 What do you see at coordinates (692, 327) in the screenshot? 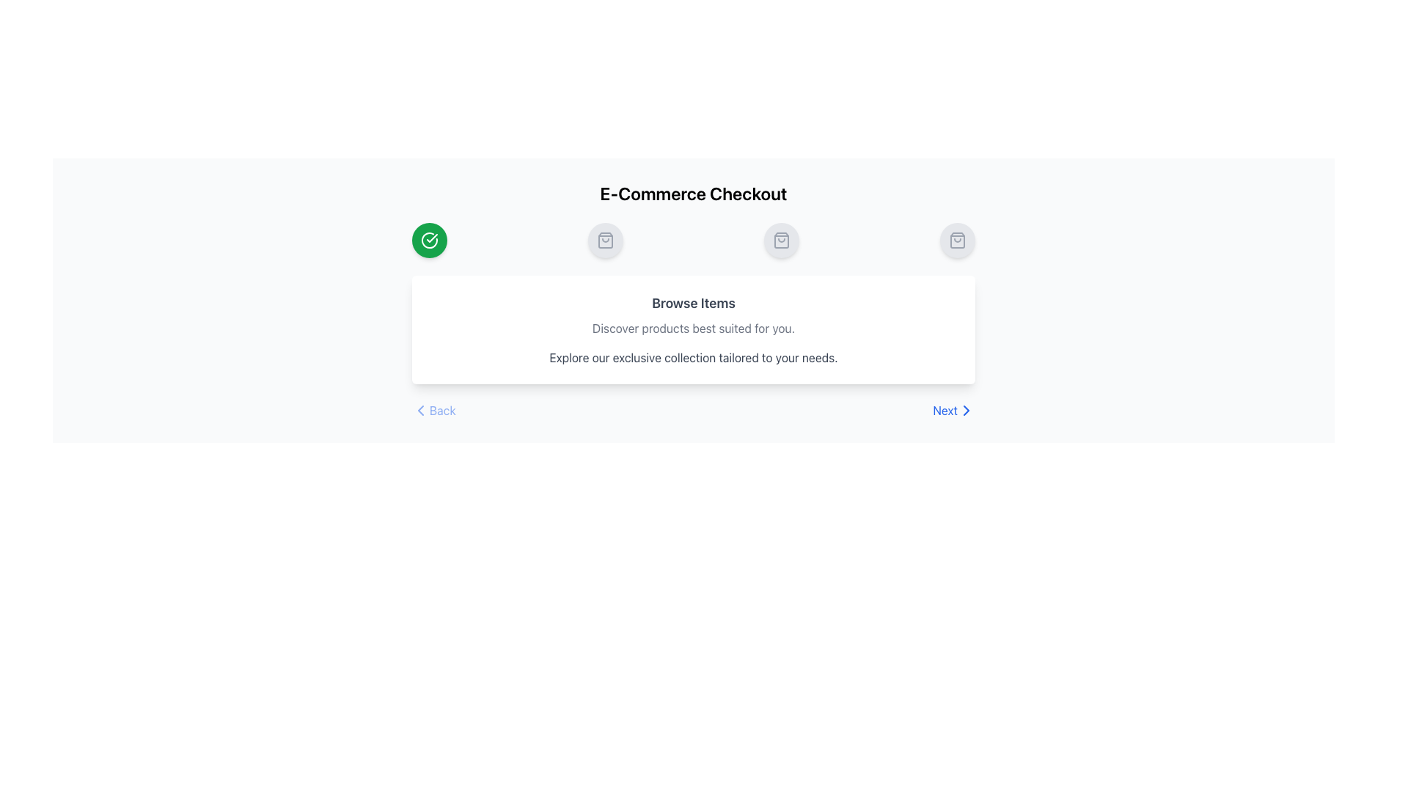
I see `the descriptive tagline element located below the 'Browse Items' title and above the descriptive text block` at bounding box center [692, 327].